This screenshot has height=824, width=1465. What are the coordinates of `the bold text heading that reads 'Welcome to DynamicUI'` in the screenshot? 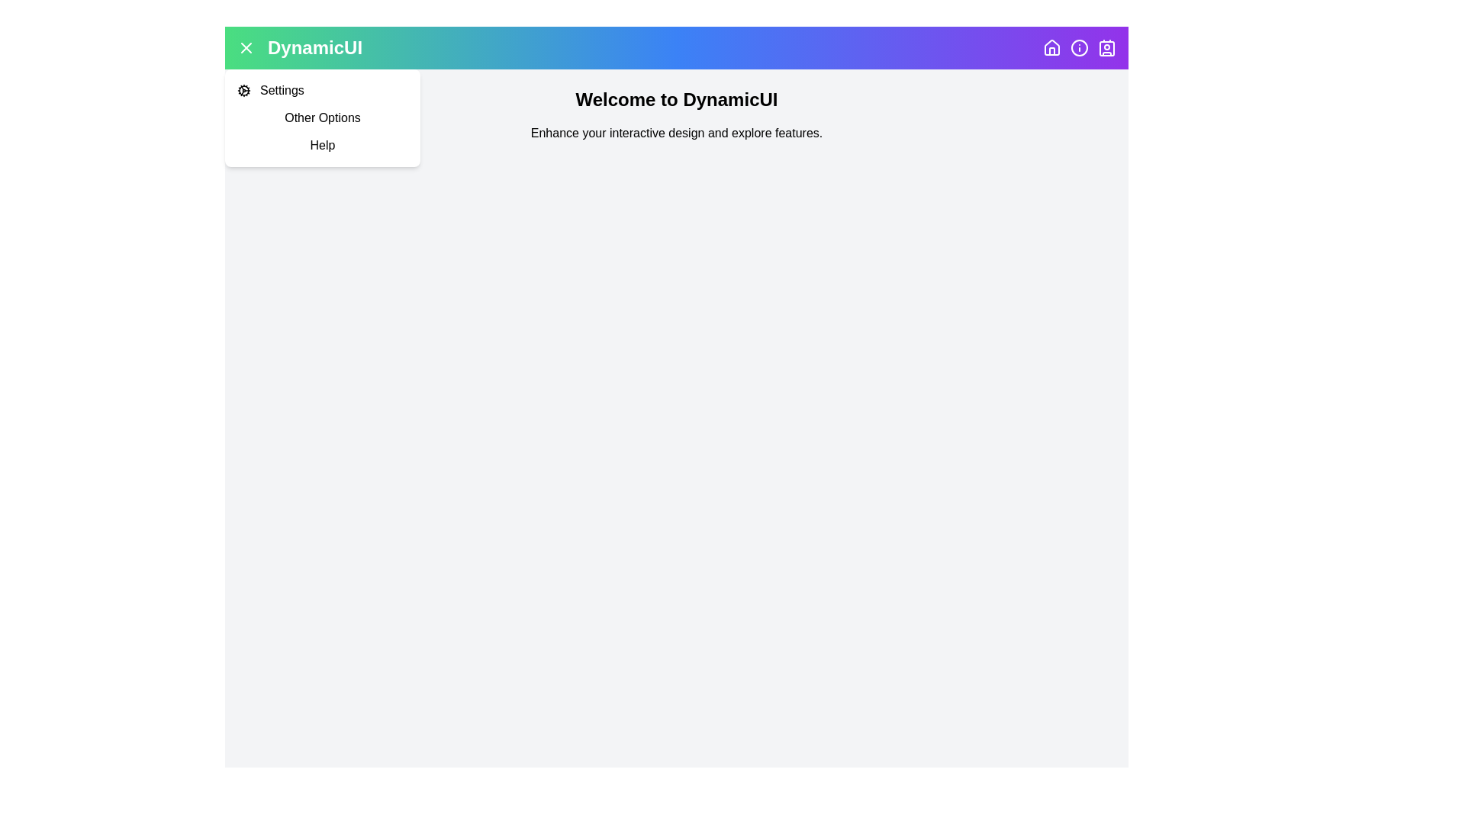 It's located at (676, 100).